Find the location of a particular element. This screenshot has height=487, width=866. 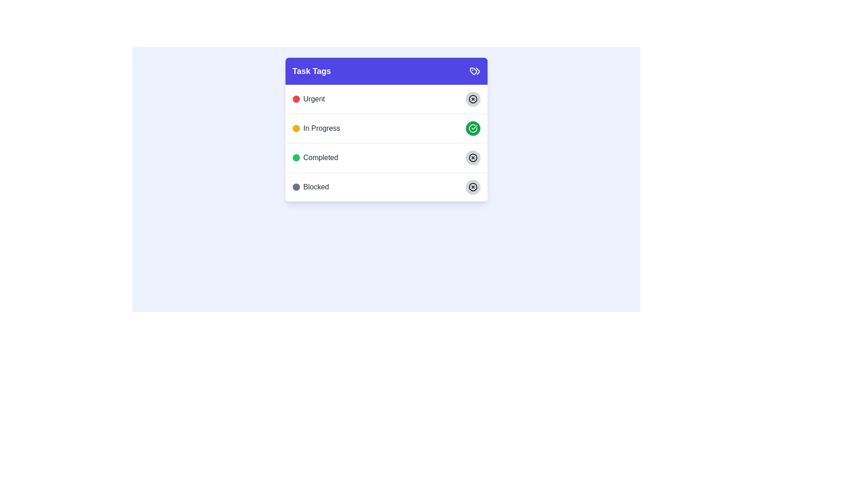

the tag-shaped icon located at the top right of the 'Task Tags' section is located at coordinates (474, 71).